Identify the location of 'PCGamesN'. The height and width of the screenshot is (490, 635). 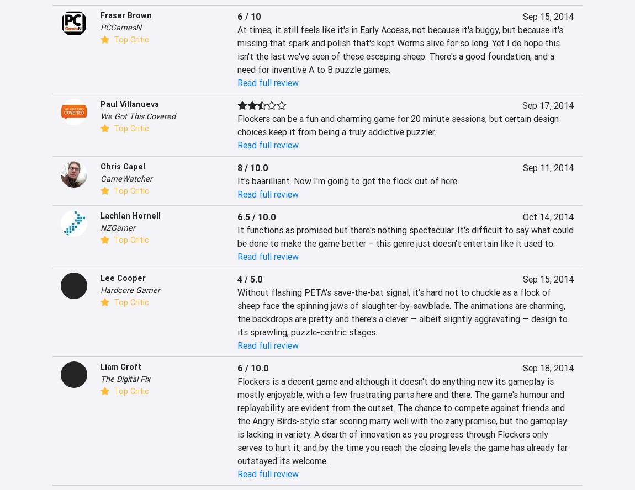
(120, 27).